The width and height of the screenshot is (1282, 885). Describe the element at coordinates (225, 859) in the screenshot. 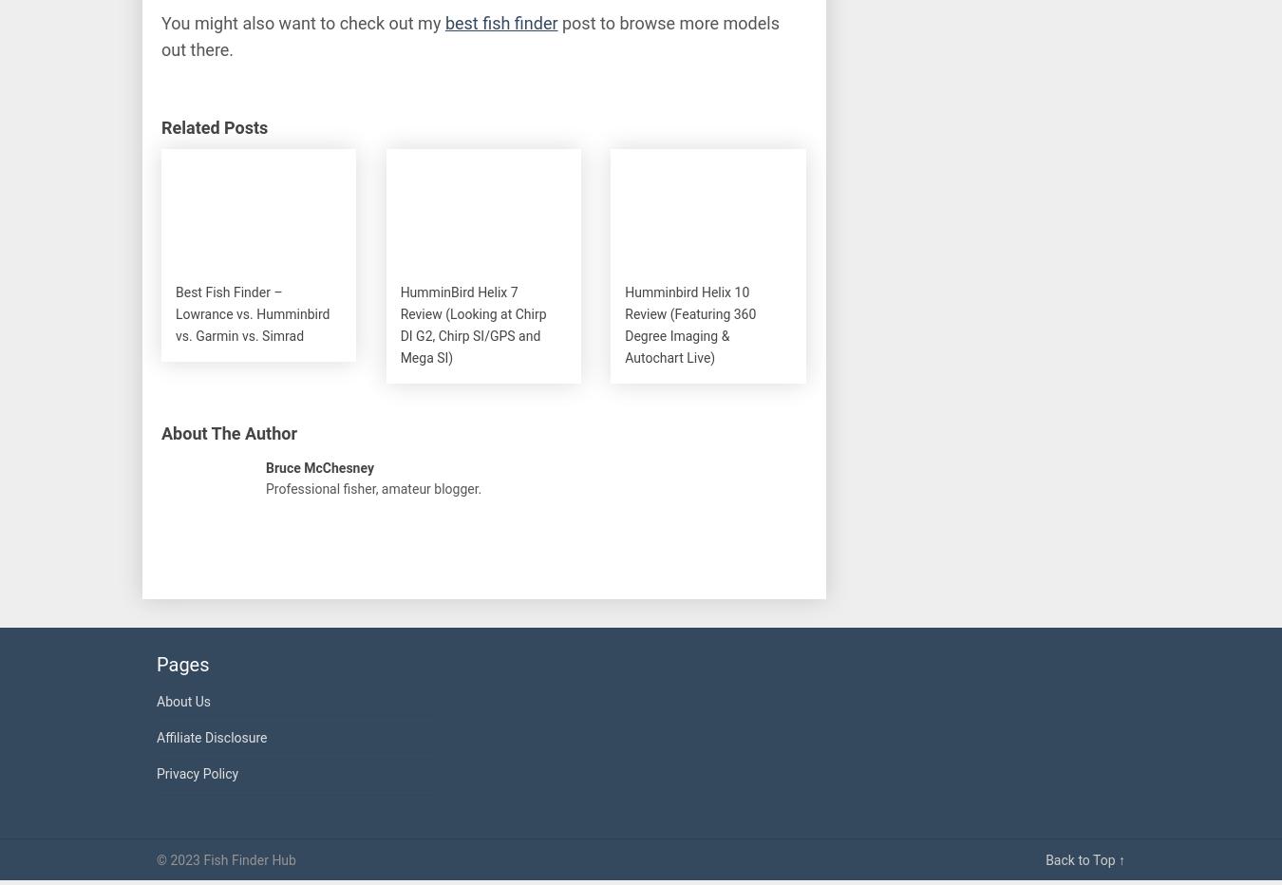

I see `'© 2023 Fish Finder Hub'` at that location.